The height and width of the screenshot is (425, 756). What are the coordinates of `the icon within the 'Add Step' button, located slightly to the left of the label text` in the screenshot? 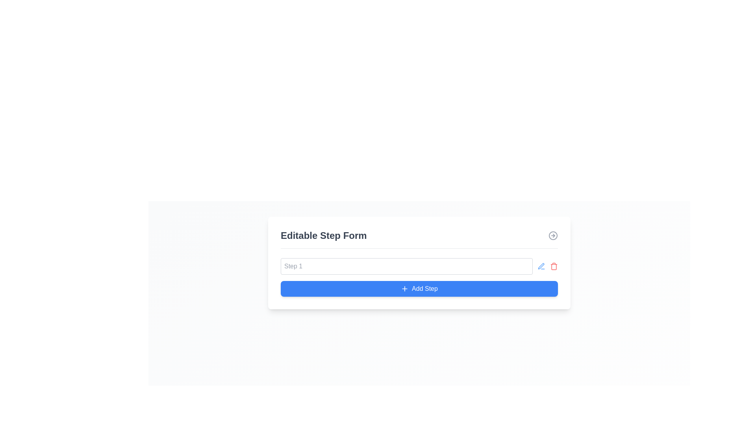 It's located at (405, 288).